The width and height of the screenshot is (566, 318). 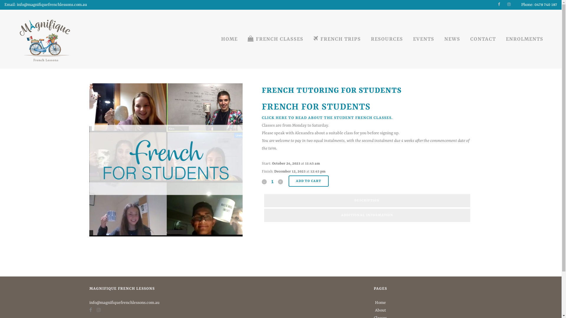 I want to click on 'info@magnifiquefrenchlessons.com.au', so click(x=52, y=4).